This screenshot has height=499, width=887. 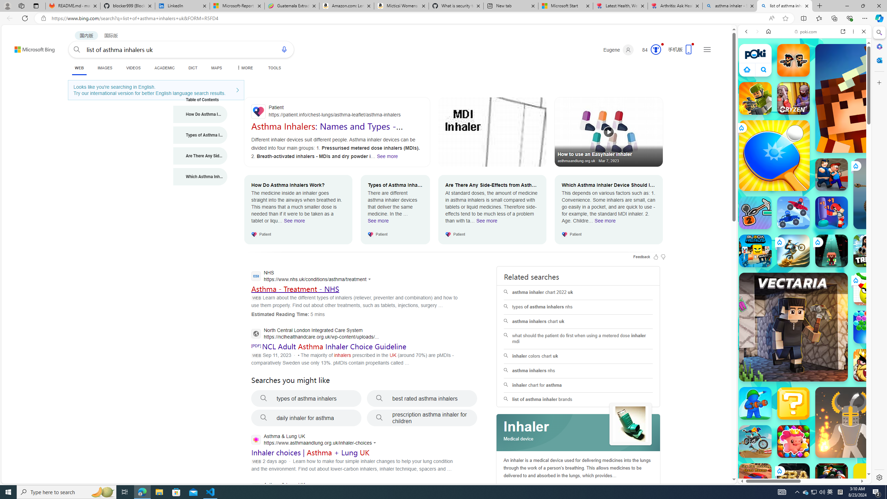 I want to click on 'Two Player Games', so click(x=804, y=196).